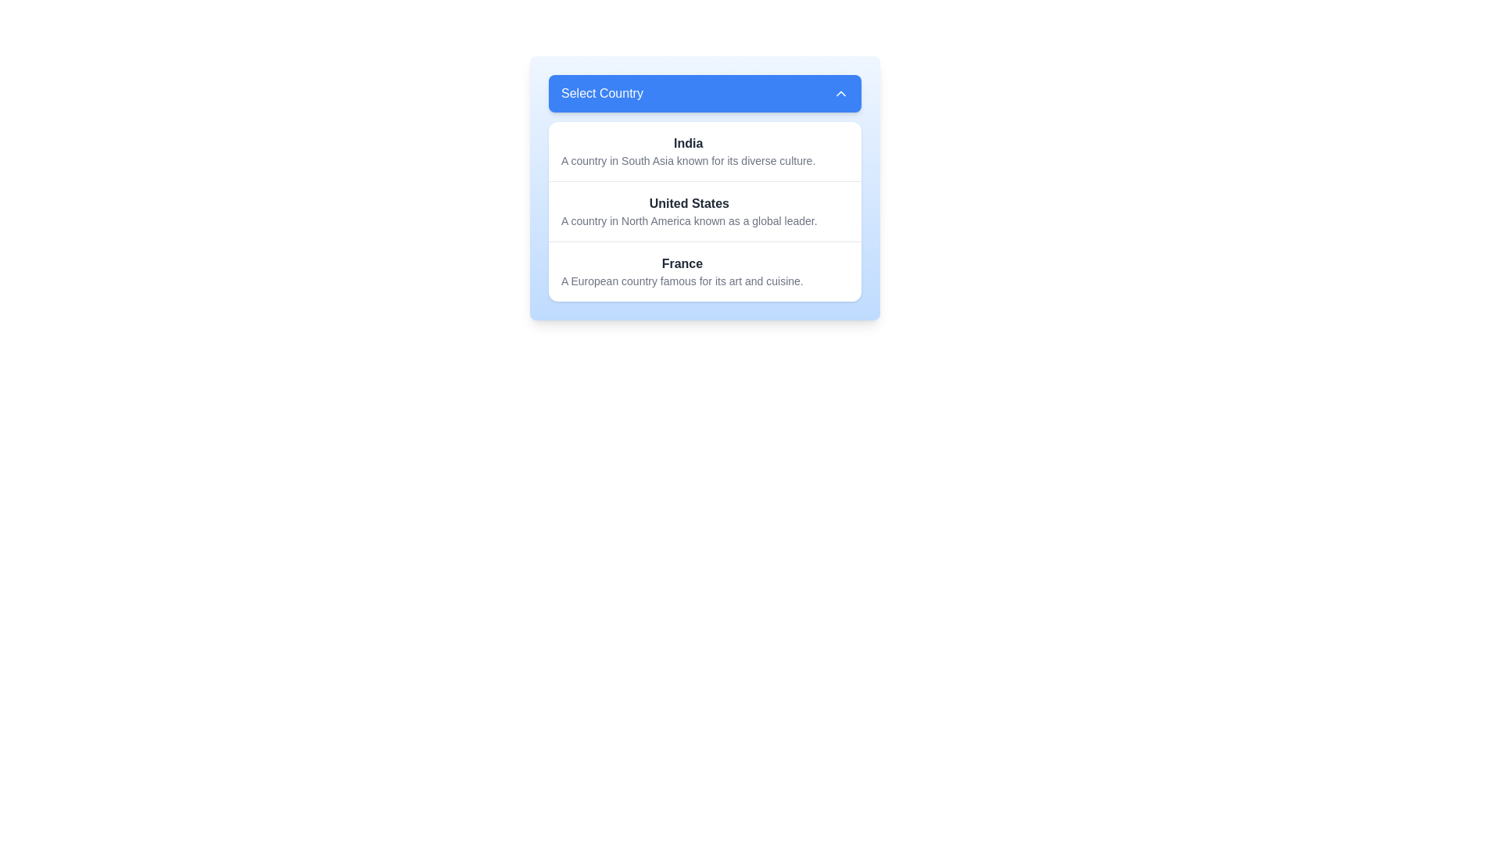  Describe the element at coordinates (688, 160) in the screenshot. I see `description text located in the dropdown menu under the heading 'India', which is the first item in the list after the heading` at that location.